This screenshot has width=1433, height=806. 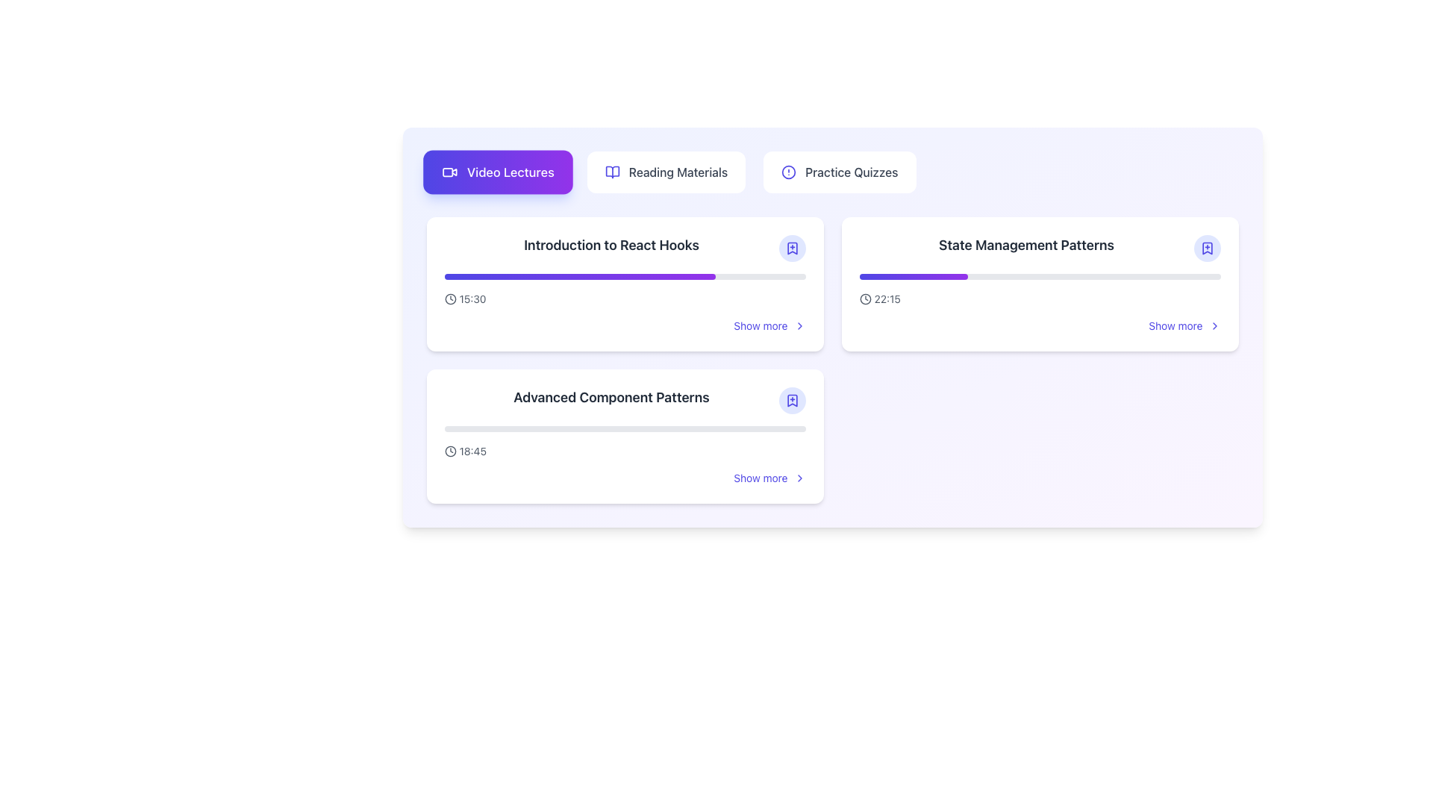 What do you see at coordinates (449, 172) in the screenshot?
I see `the small video camera icon with a white fill on a purple background, located to the left of the 'Video Lectures' button` at bounding box center [449, 172].